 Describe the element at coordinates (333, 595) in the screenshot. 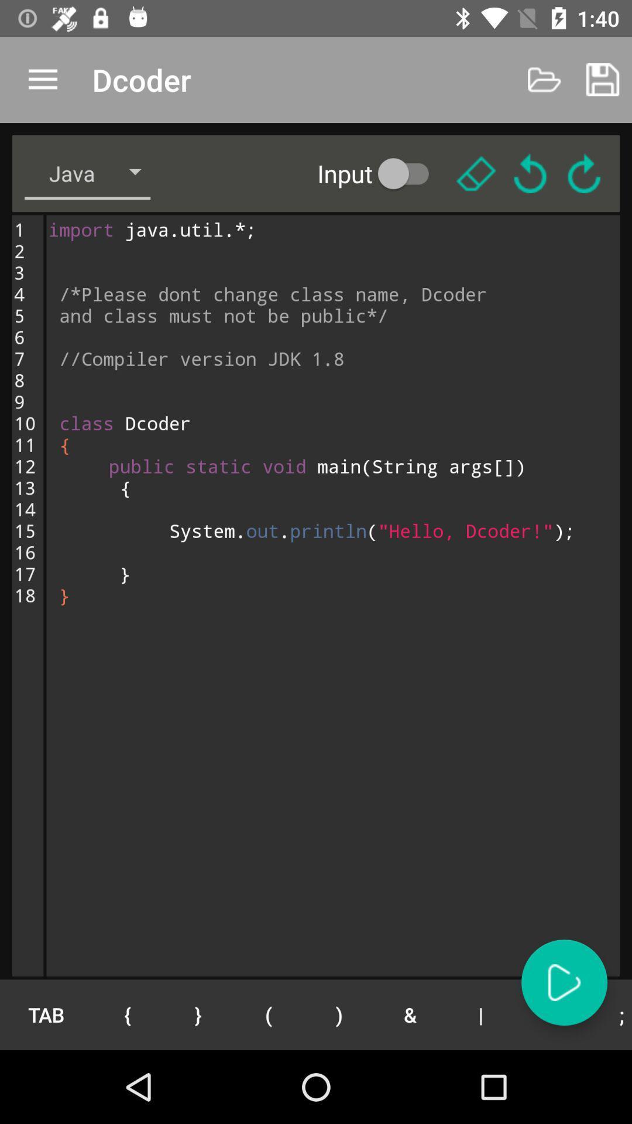

I see `import java util icon` at that location.